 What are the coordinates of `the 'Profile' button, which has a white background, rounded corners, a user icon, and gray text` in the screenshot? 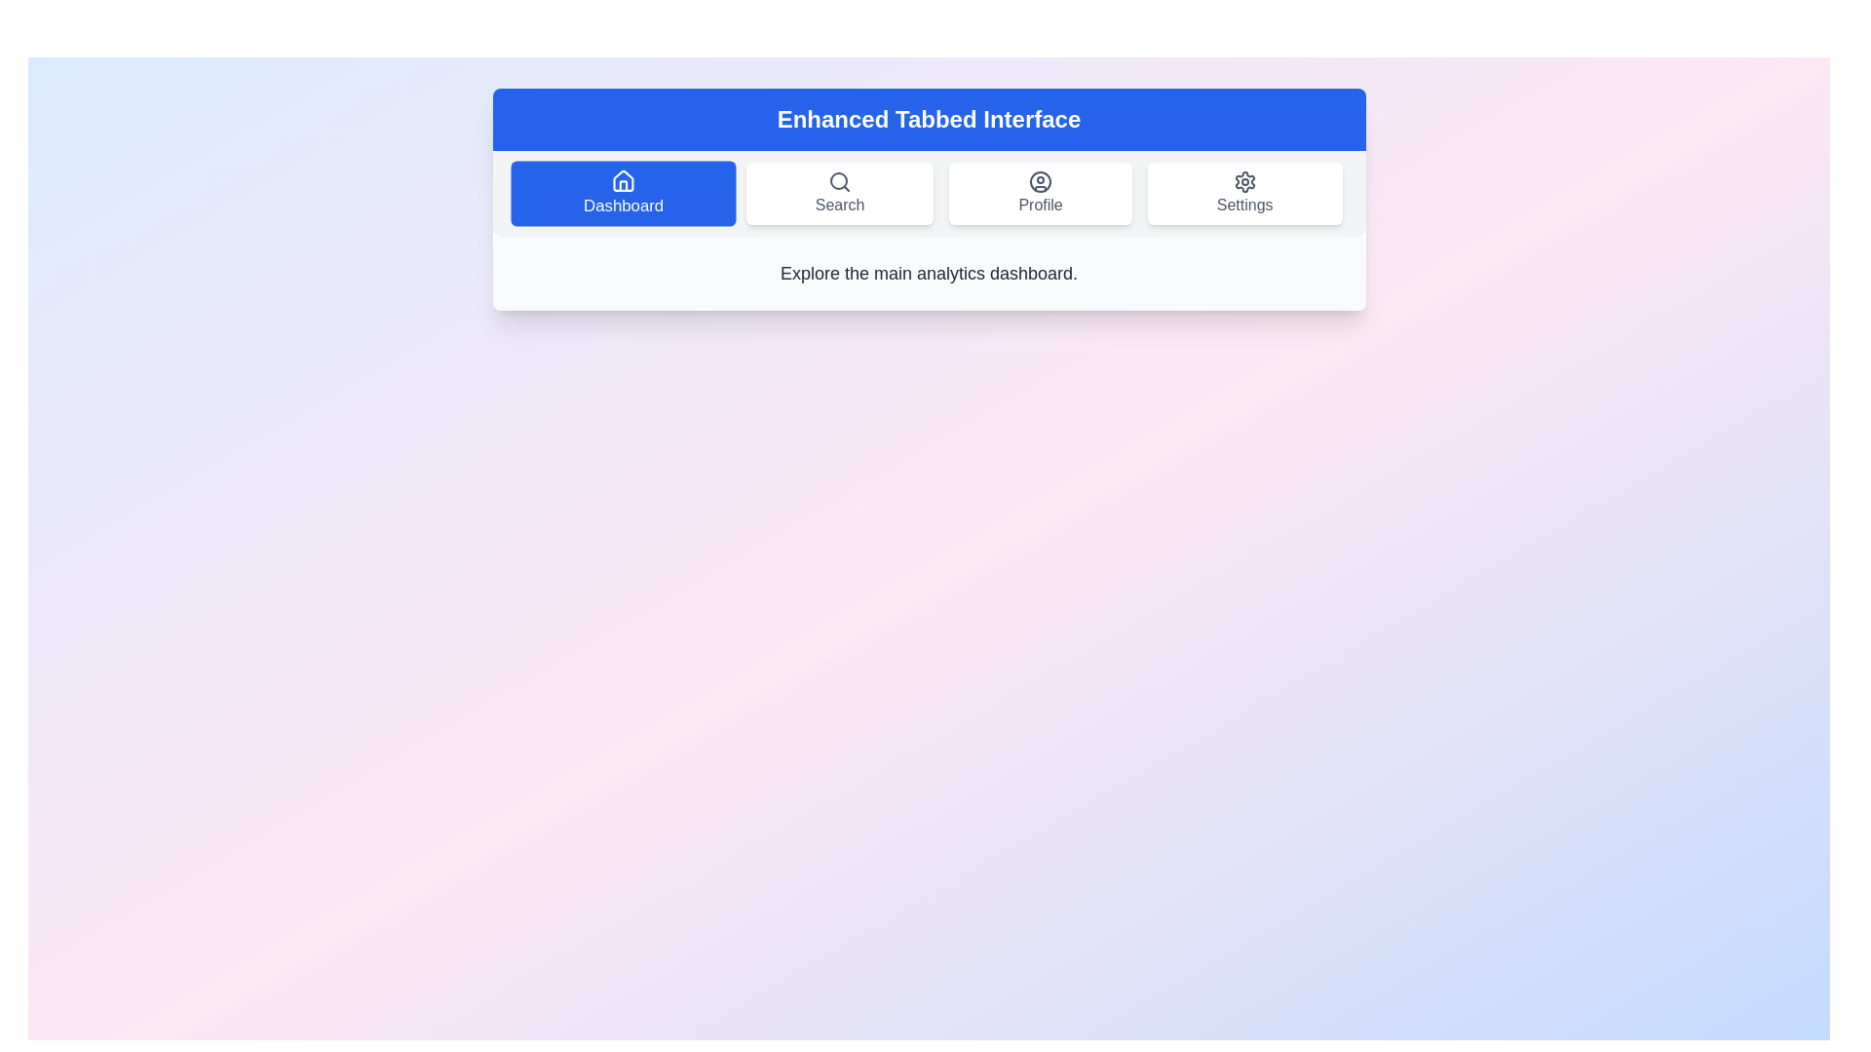 It's located at (1040, 194).